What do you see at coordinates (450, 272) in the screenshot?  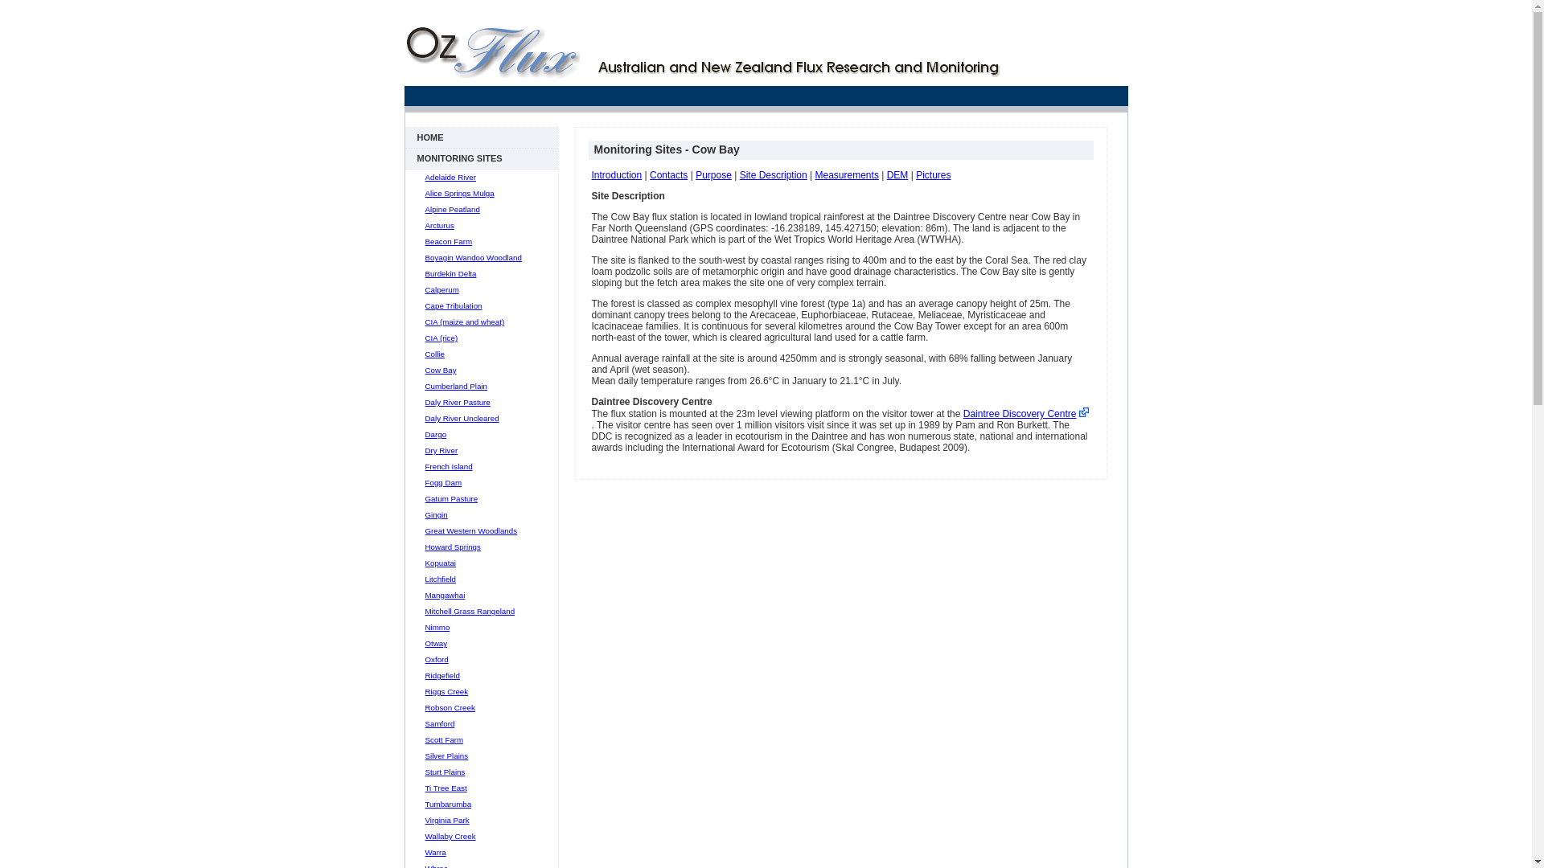 I see `'Burdekin Delta'` at bounding box center [450, 272].